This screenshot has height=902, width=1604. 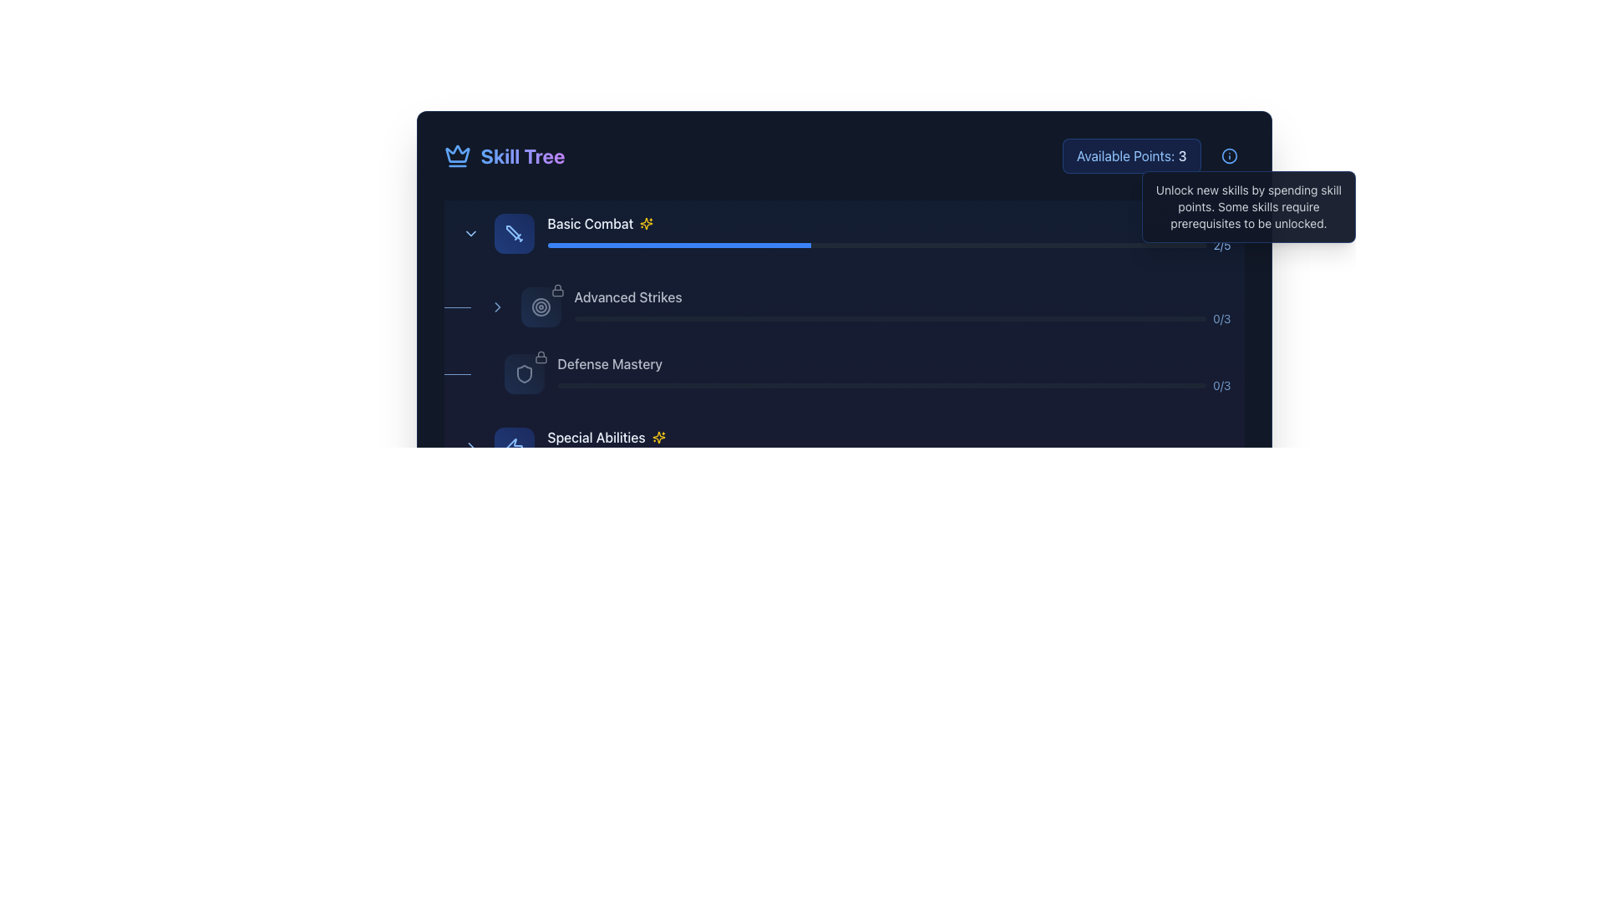 I want to click on the visual marker that highlights the 'Basic Combat' option, positioned to the right of the text, so click(x=646, y=222).